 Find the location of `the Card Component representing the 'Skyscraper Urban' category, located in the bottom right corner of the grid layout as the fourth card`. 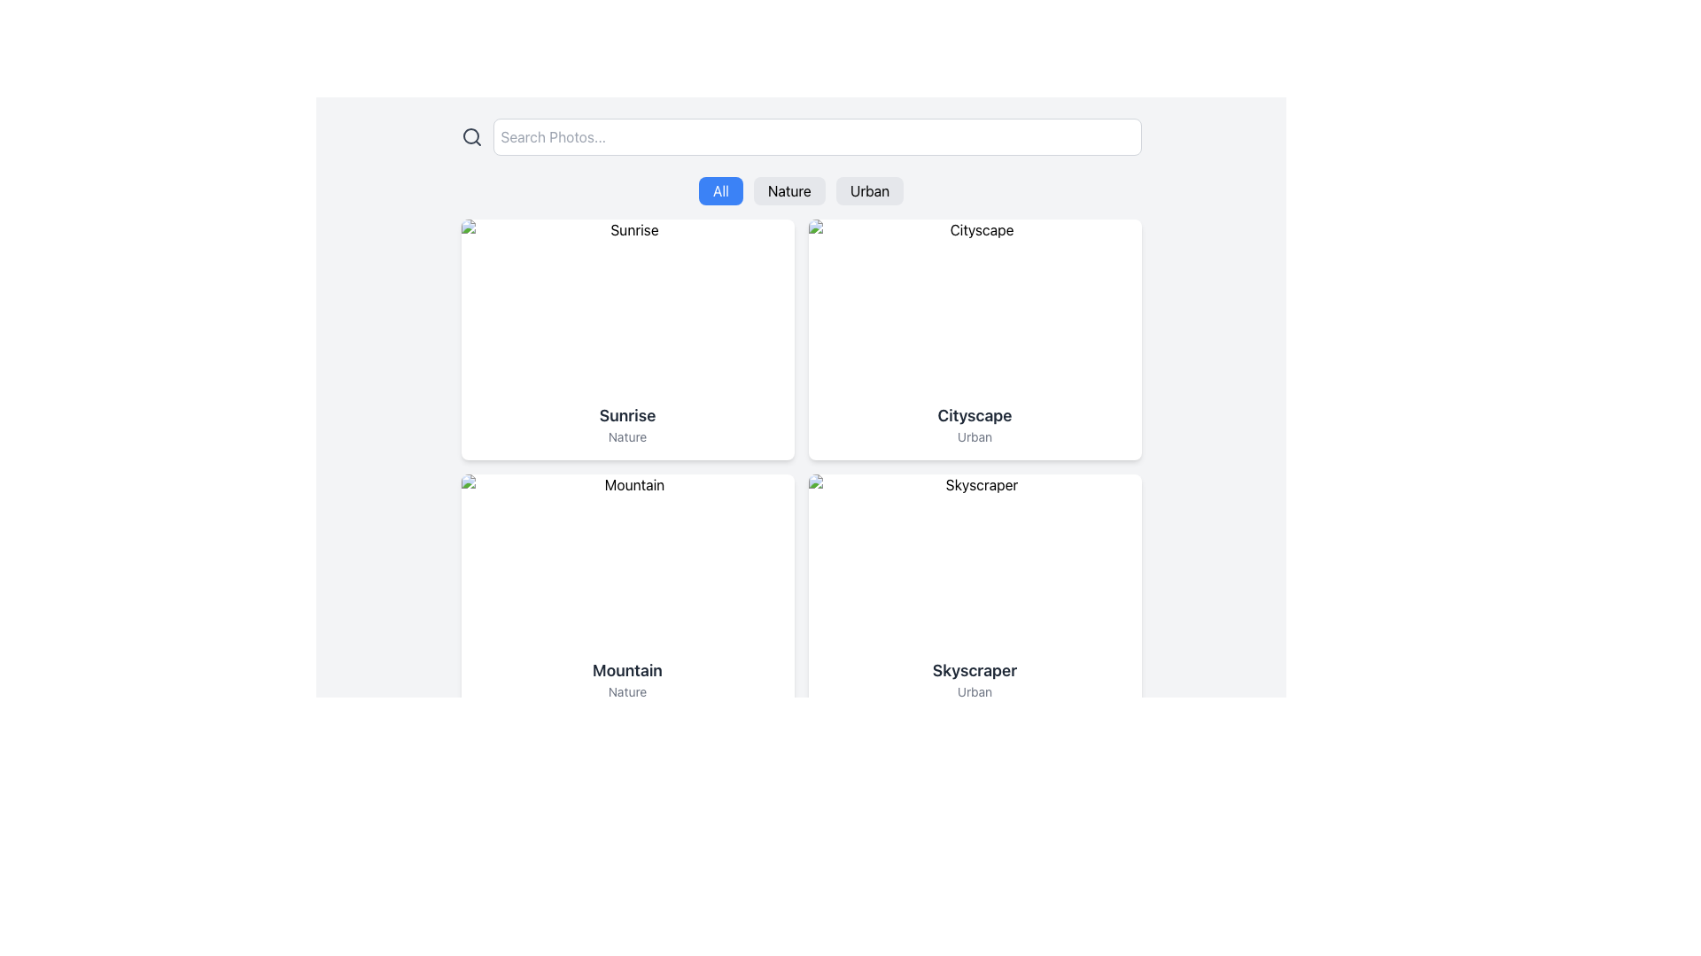

the Card Component representing the 'Skyscraper Urban' category, located in the bottom right corner of the grid layout as the fourth card is located at coordinates (974, 594).